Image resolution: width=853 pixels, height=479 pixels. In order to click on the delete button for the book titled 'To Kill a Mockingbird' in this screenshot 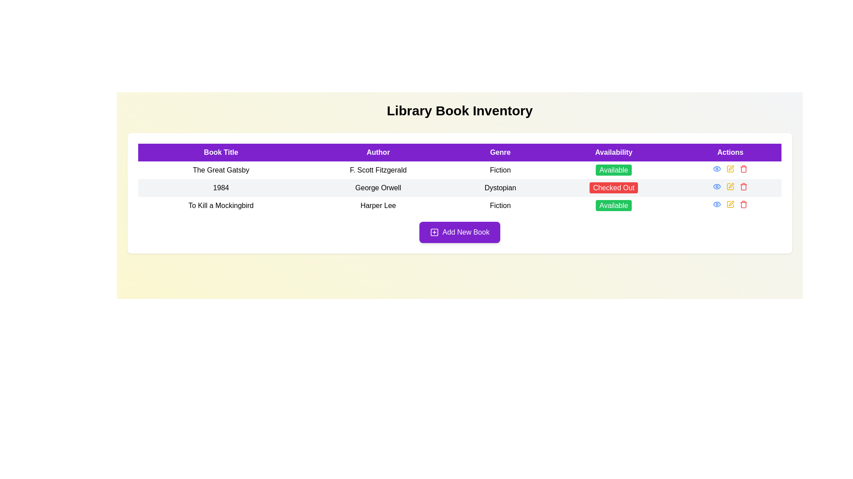, I will do `click(744, 204)`.